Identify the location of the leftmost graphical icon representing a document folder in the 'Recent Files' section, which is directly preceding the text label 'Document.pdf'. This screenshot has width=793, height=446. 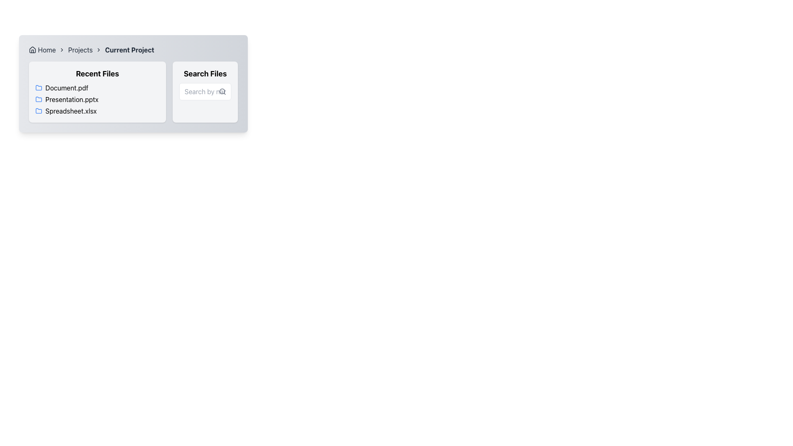
(38, 88).